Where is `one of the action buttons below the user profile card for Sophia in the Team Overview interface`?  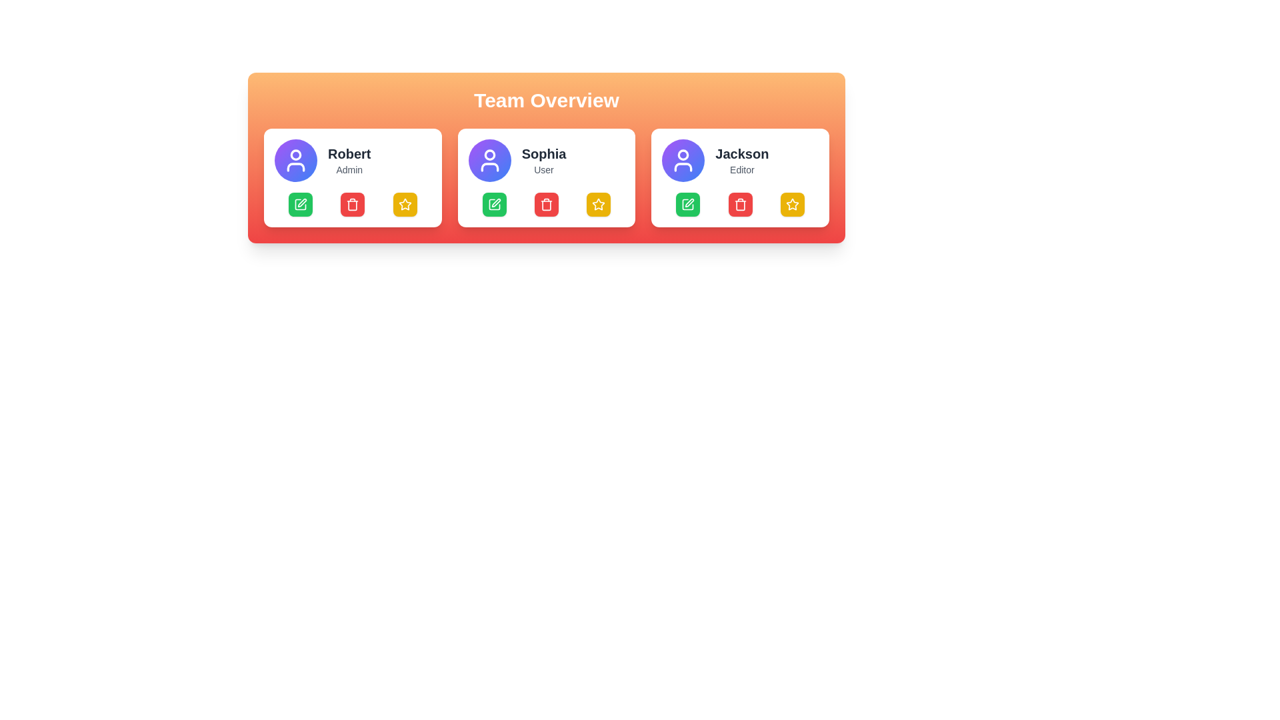 one of the action buttons below the user profile card for Sophia in the Team Overview interface is located at coordinates (547, 177).